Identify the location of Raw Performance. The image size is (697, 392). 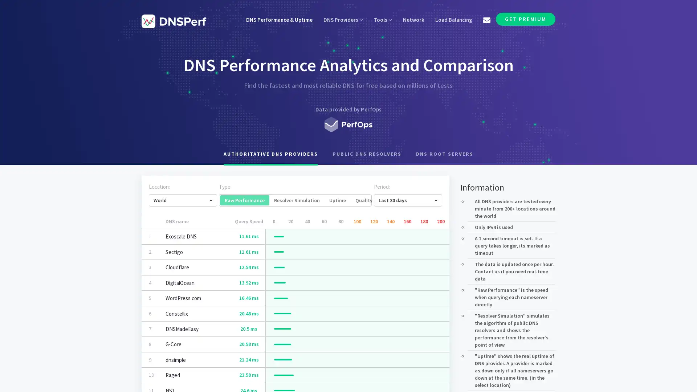
(244, 200).